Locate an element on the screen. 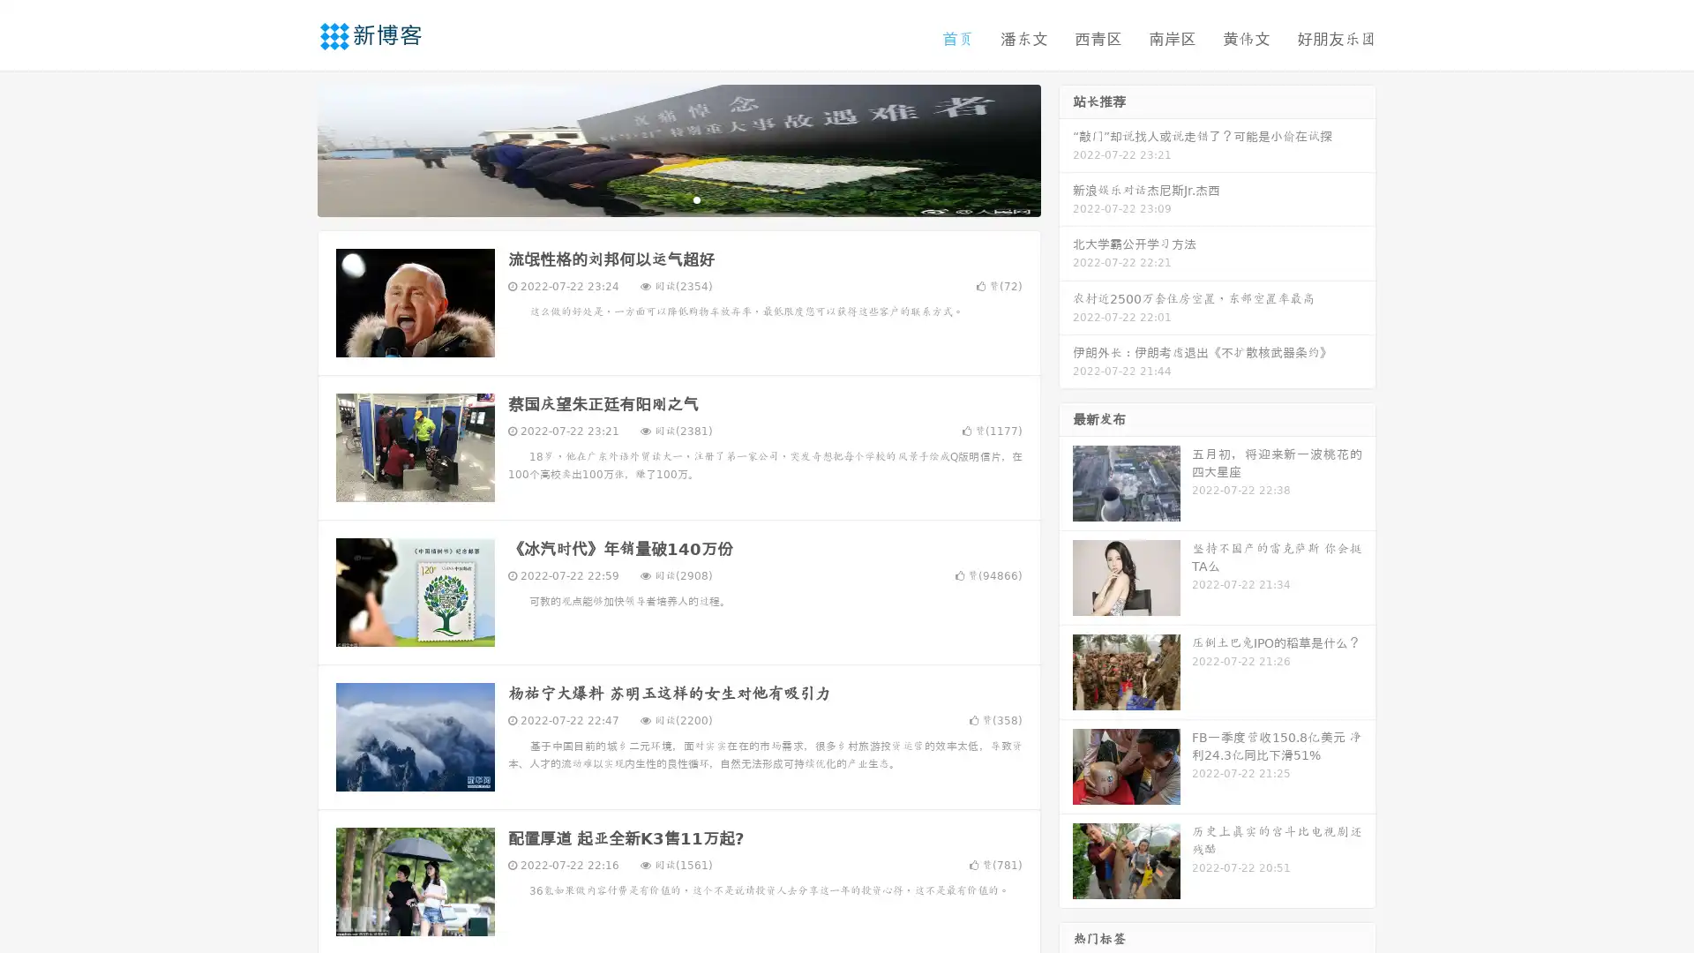 This screenshot has width=1694, height=953. Previous slide is located at coordinates (291, 148).